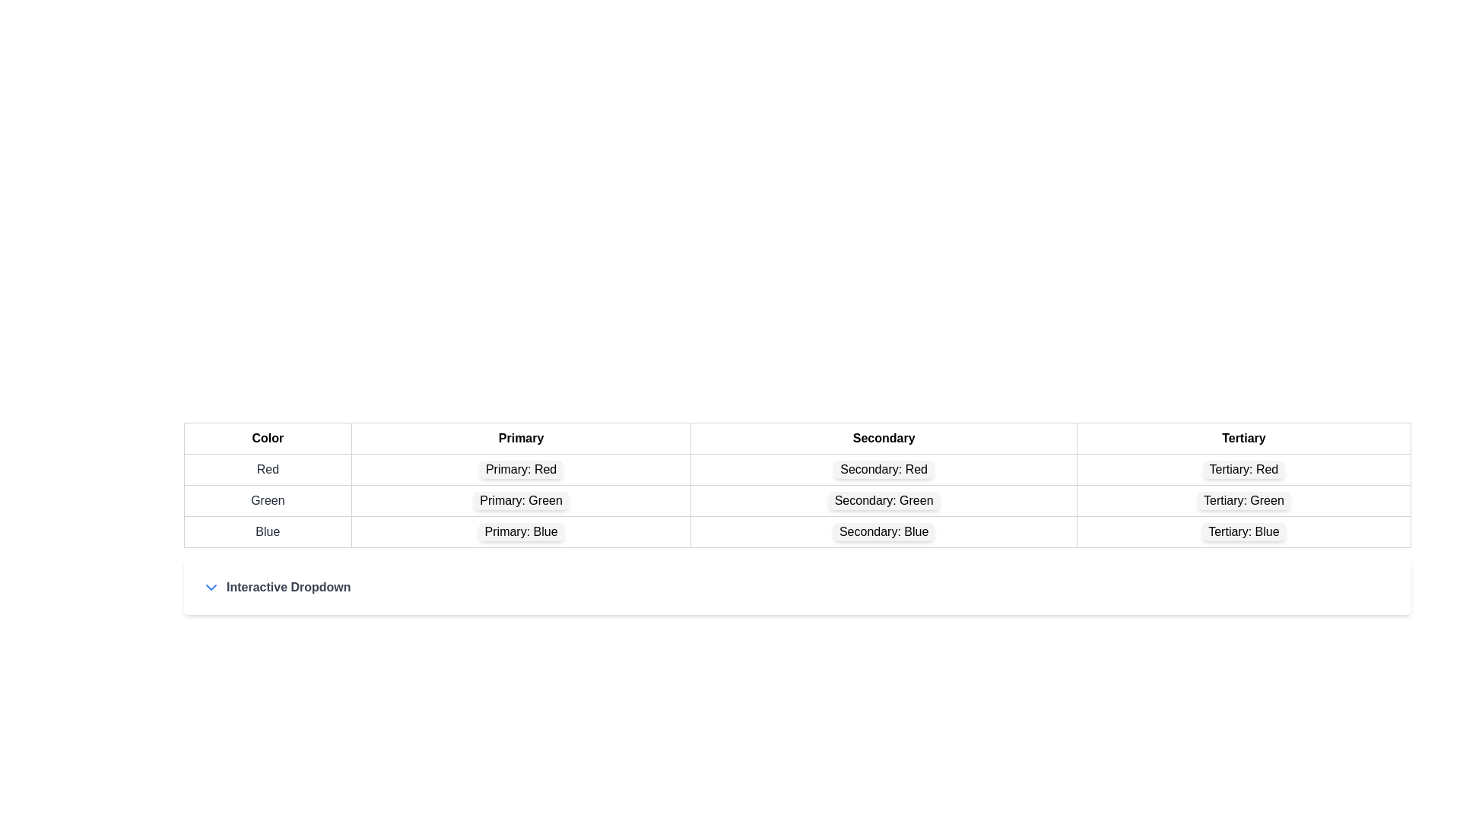 This screenshot has width=1460, height=821. I want to click on the static text label indicating the 'Blue' color category located in the third row of the table under the 'Color' column, so click(268, 531).